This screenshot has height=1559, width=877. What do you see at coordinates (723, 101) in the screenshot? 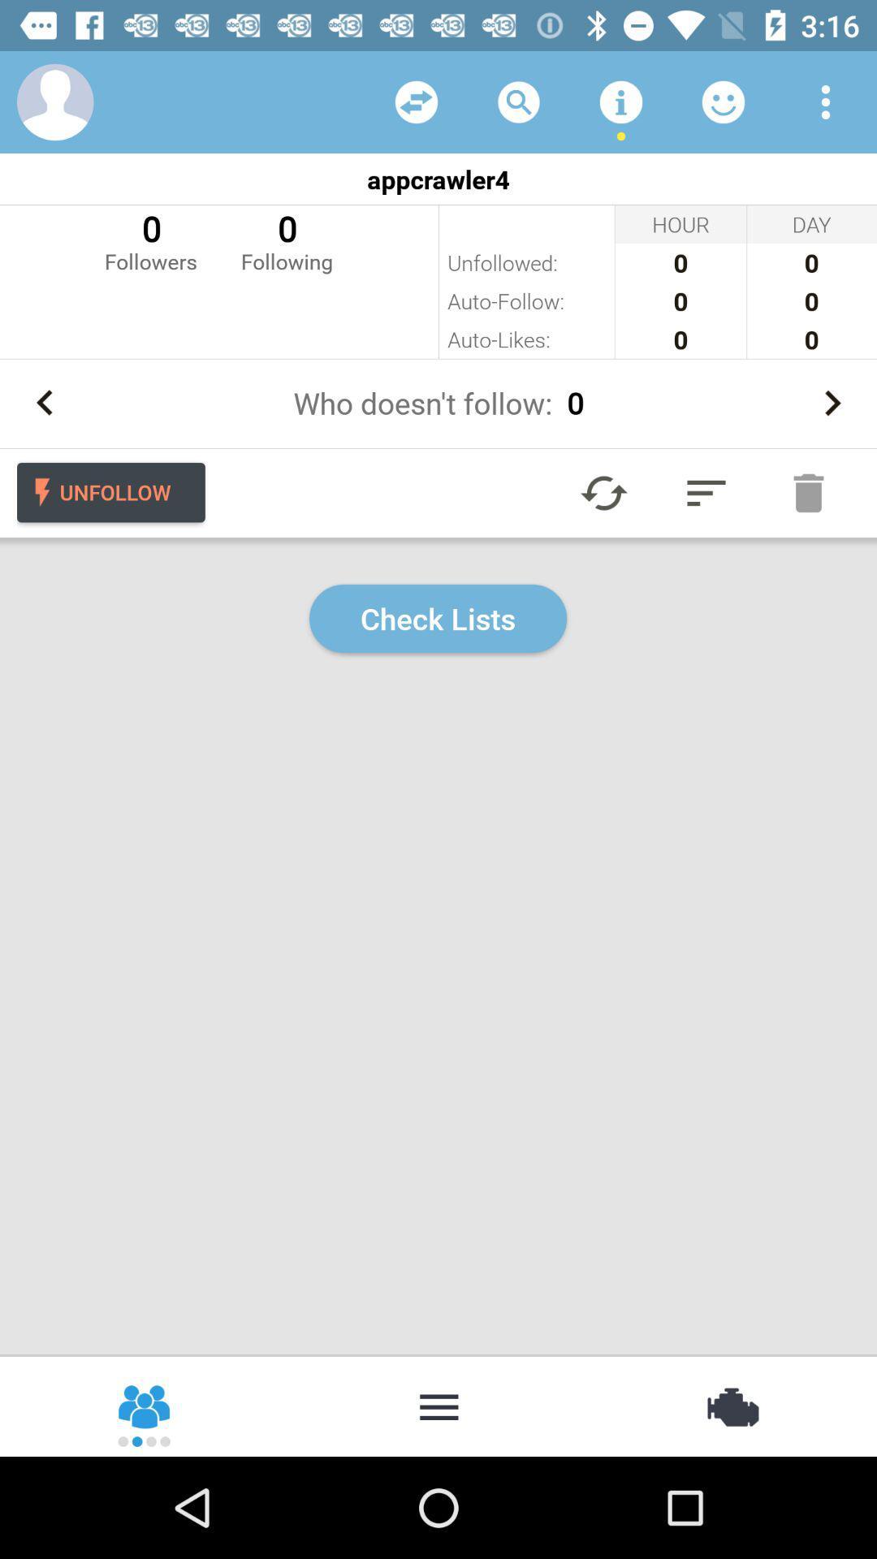
I see `send smile face` at bounding box center [723, 101].